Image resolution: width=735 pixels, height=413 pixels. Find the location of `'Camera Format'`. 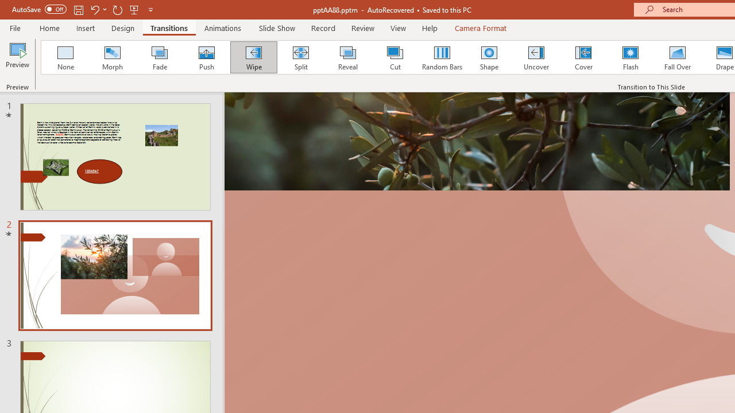

'Camera Format' is located at coordinates (481, 28).